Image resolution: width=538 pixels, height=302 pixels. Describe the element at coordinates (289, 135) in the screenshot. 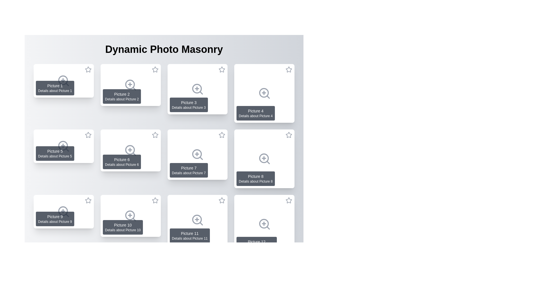

I see `the star icon located in the top-right corner of the eighth grid item in the 'Dynamic Photo Masonry' layout` at that location.